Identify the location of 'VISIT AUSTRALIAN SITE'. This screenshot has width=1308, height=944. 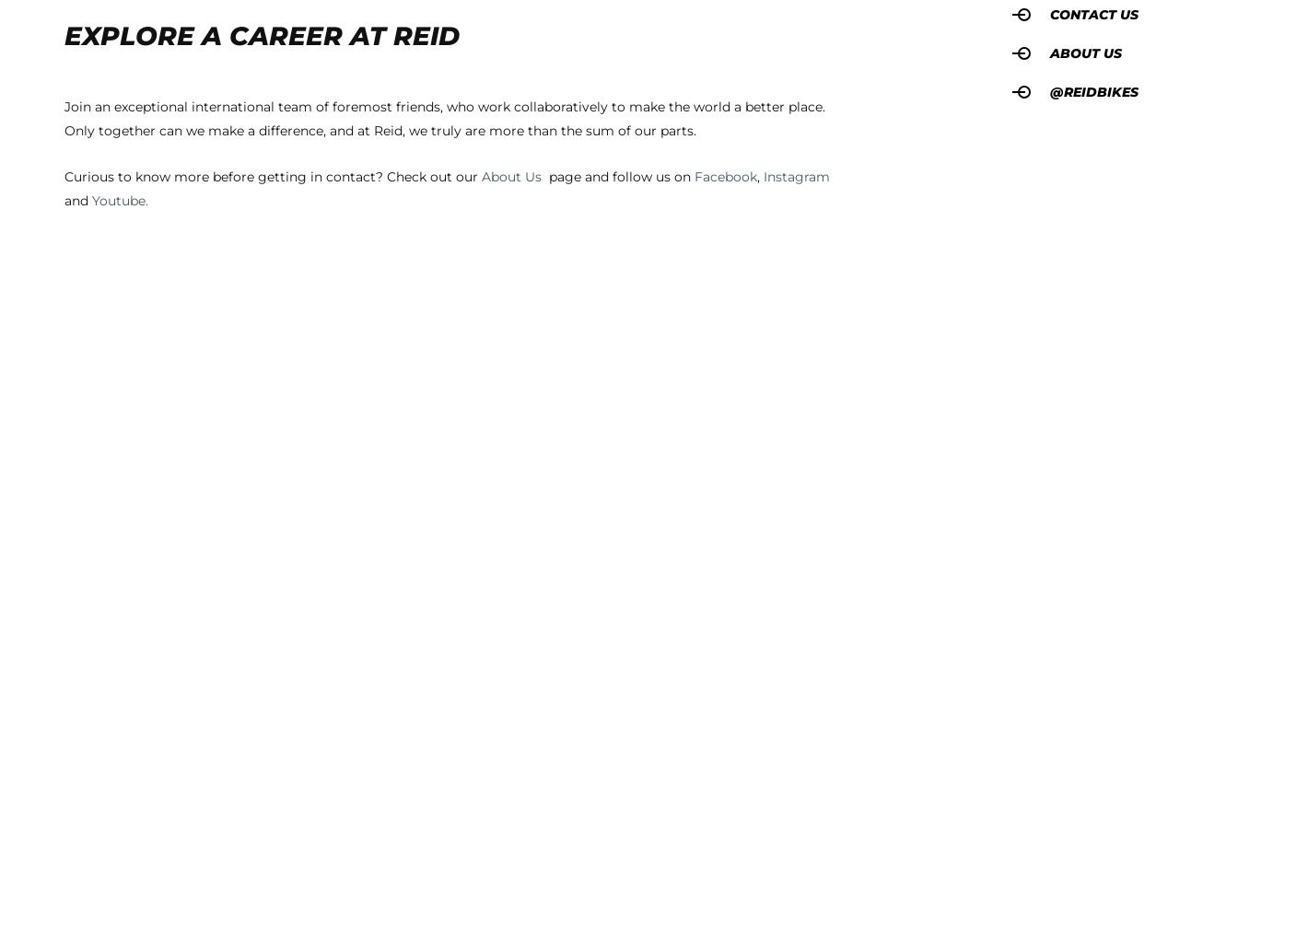
(498, 72).